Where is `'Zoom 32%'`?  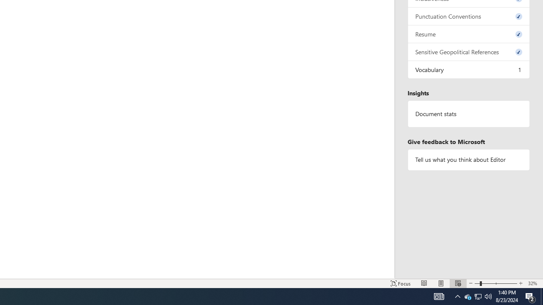
'Zoom 32%' is located at coordinates (533, 283).